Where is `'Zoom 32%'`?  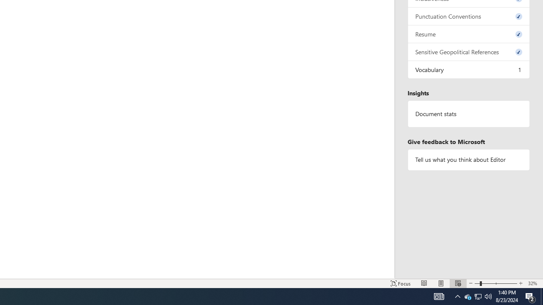
'Zoom 32%' is located at coordinates (533, 283).